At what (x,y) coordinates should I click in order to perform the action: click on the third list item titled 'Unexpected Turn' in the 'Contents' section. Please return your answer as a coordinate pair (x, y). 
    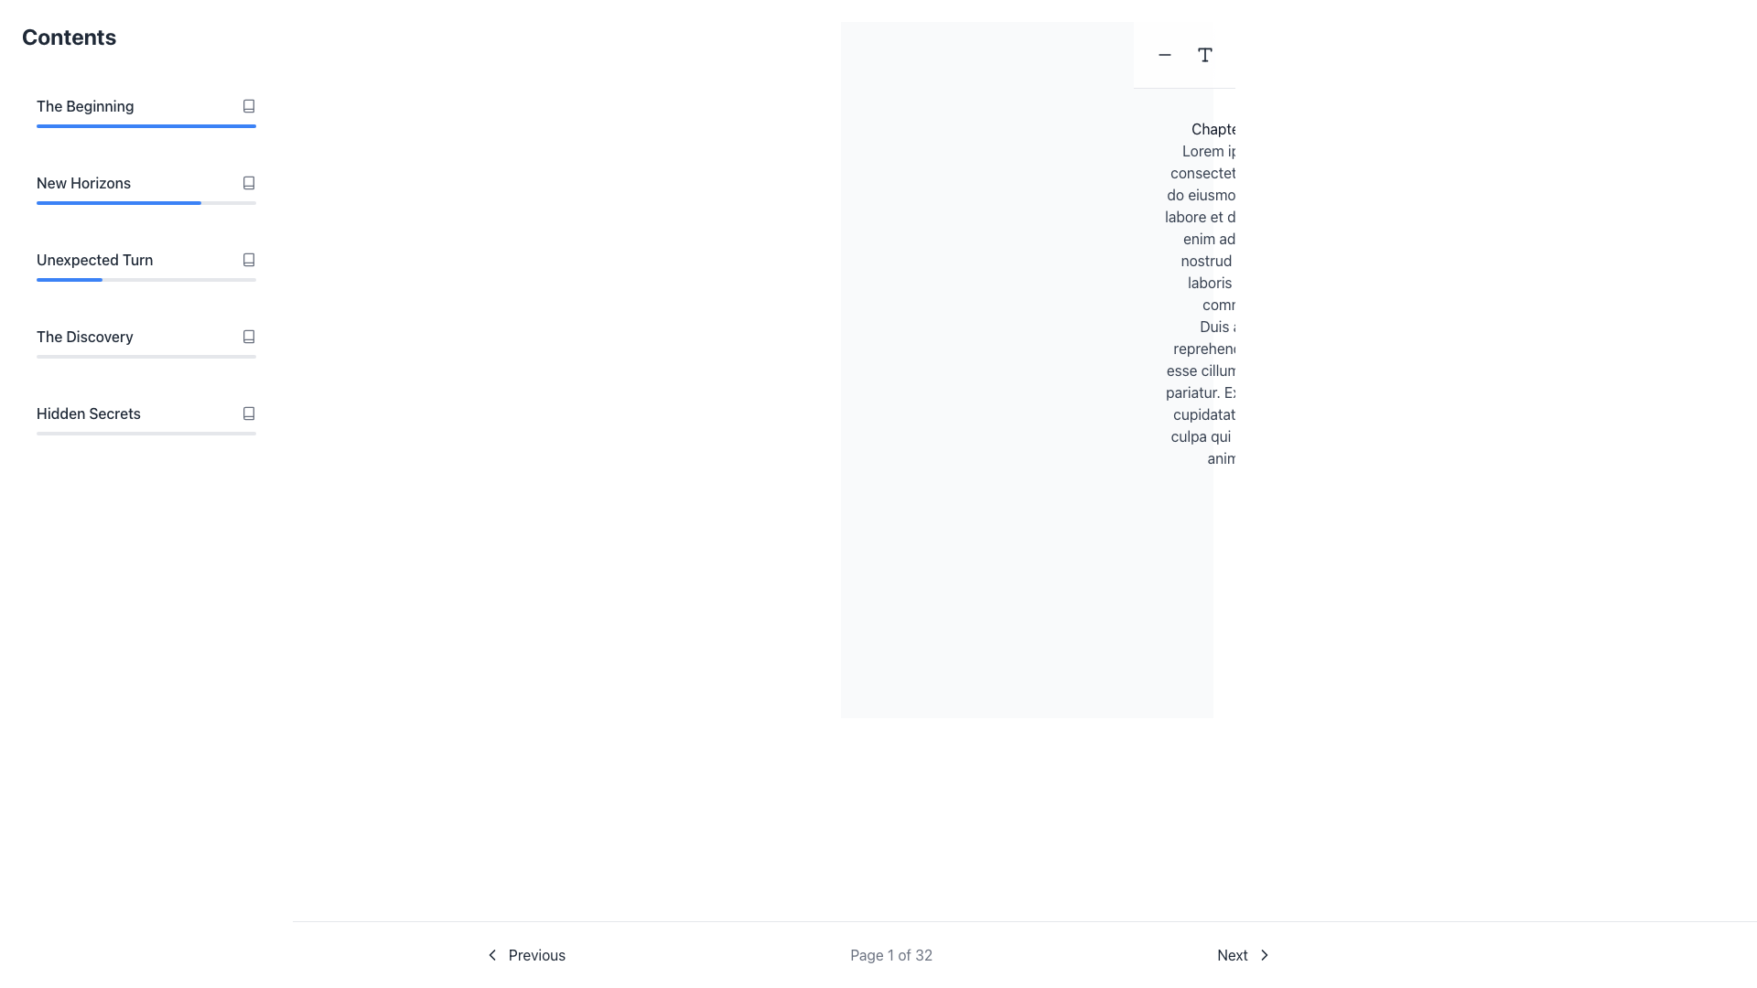
    Looking at the image, I should click on (145, 264).